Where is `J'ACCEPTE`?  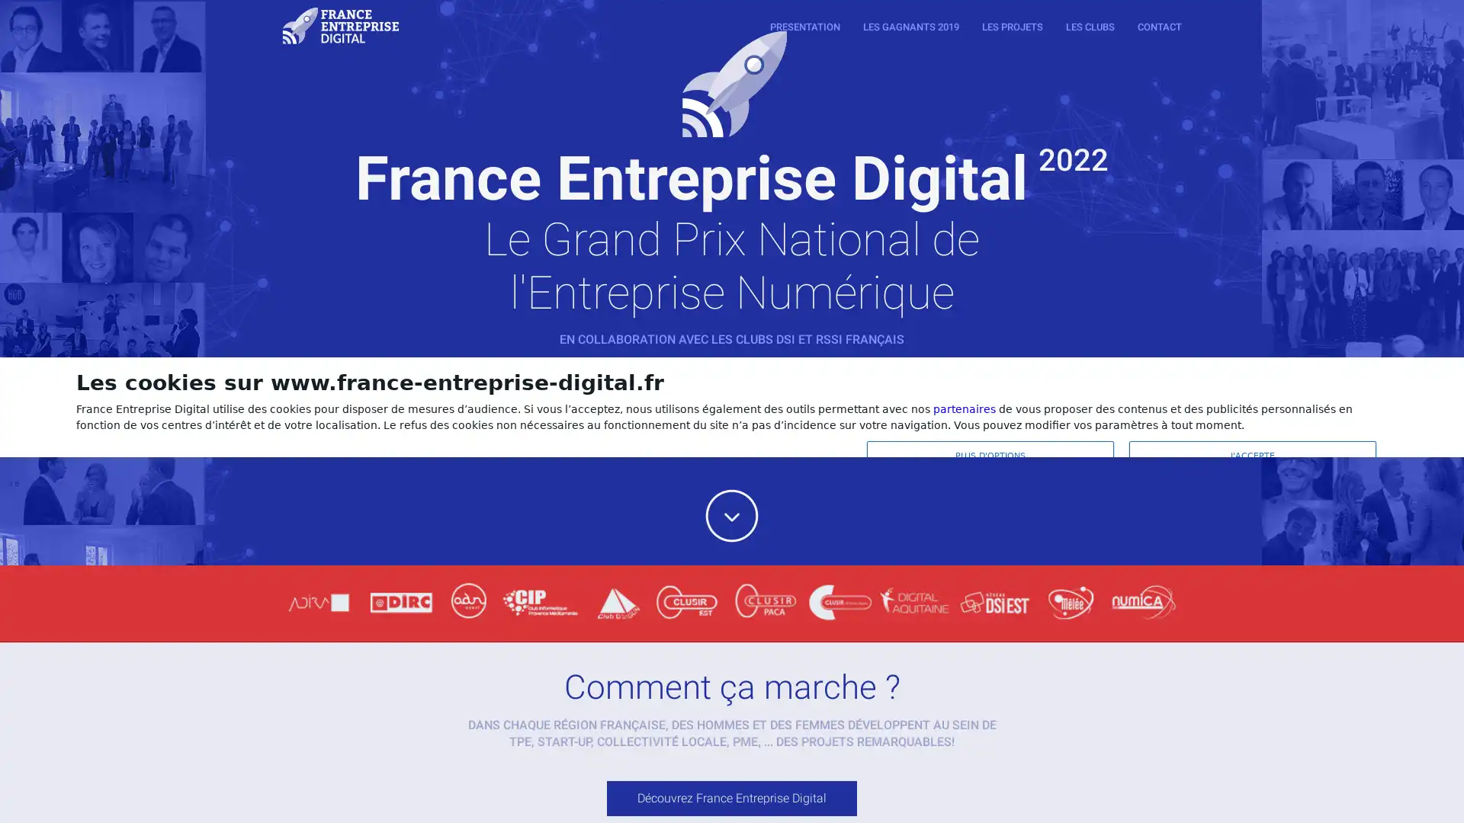
J'ACCEPTE is located at coordinates (1250, 452).